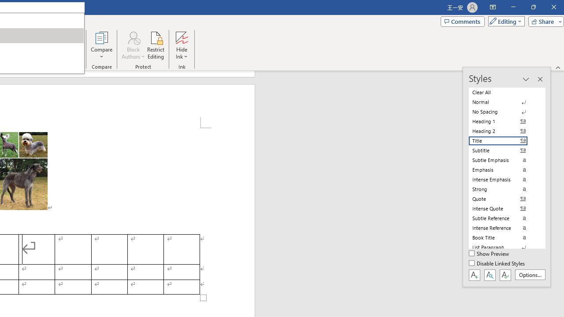 The width and height of the screenshot is (564, 317). I want to click on 'Subtle Emphasis', so click(503, 160).